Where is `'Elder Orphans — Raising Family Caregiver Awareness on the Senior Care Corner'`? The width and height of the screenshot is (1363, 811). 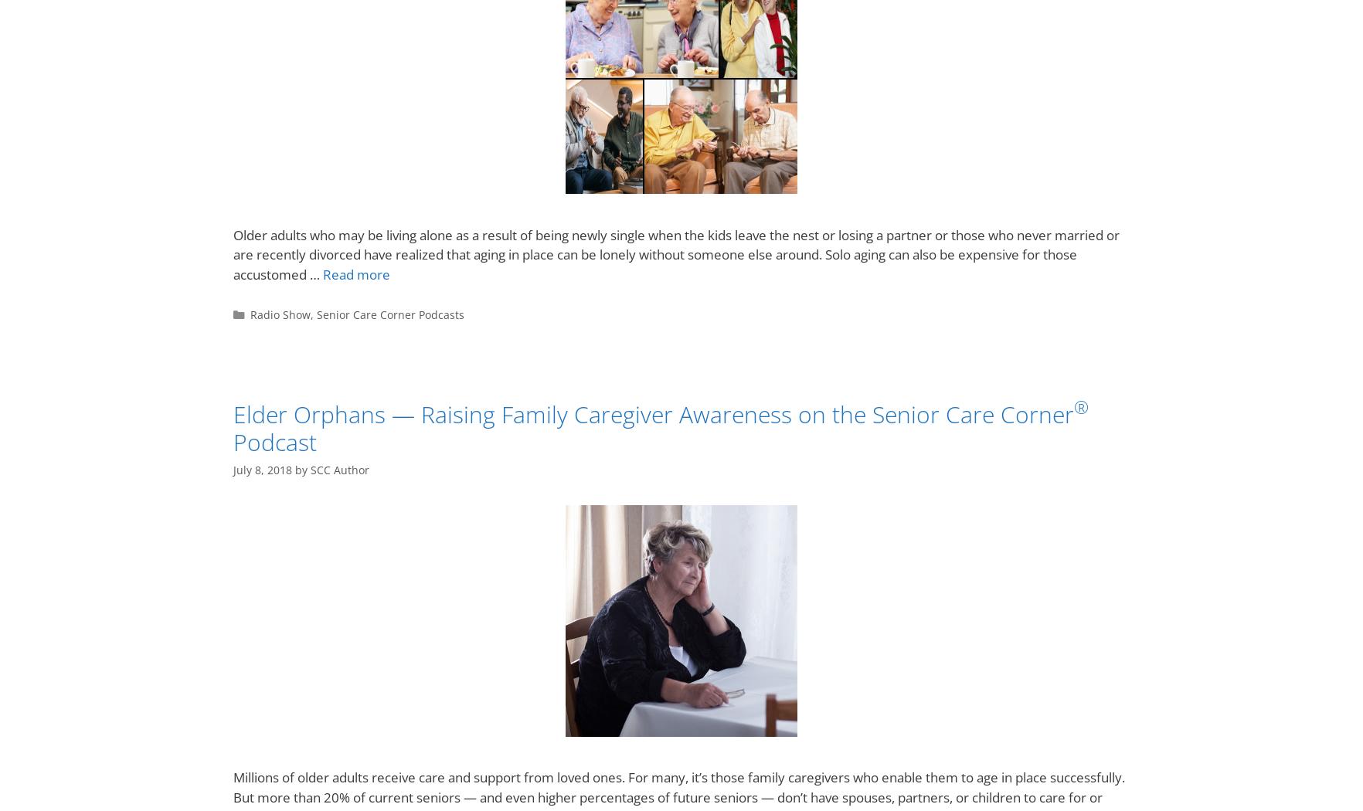 'Elder Orphans — Raising Family Caregiver Awareness on the Senior Care Corner' is located at coordinates (233, 413).